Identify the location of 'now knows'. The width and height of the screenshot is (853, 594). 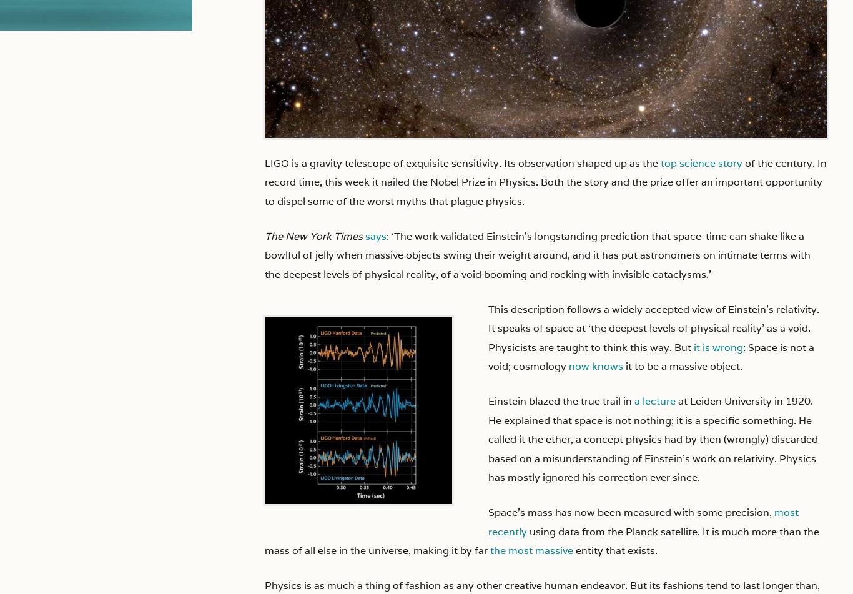
(596, 365).